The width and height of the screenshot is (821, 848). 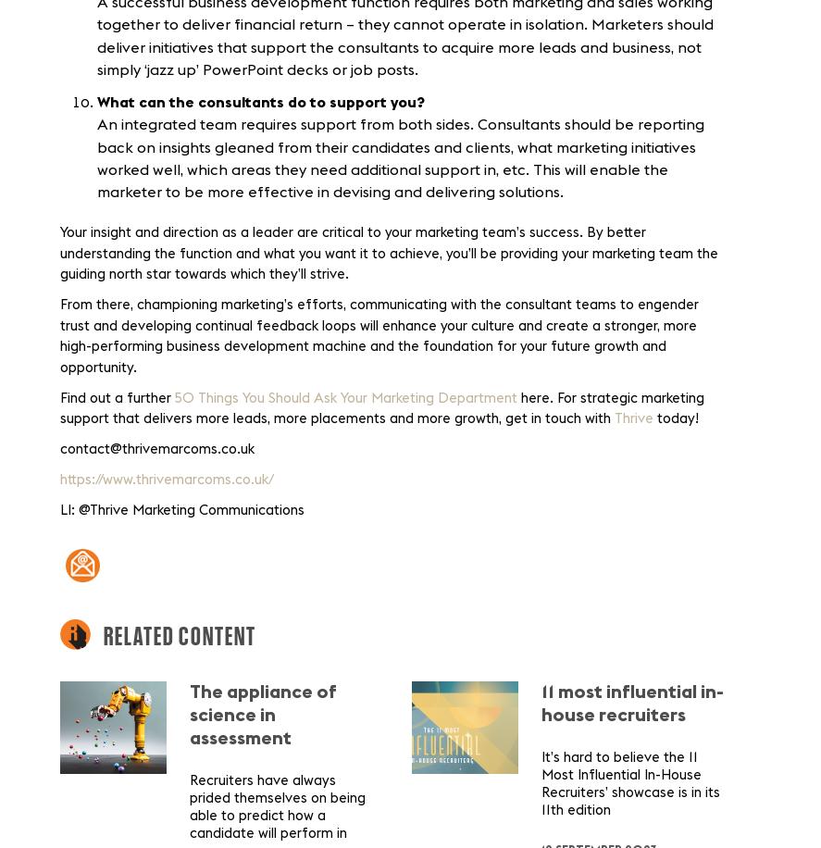 I want to click on 'What can the consultants do to support you?', so click(x=97, y=101).